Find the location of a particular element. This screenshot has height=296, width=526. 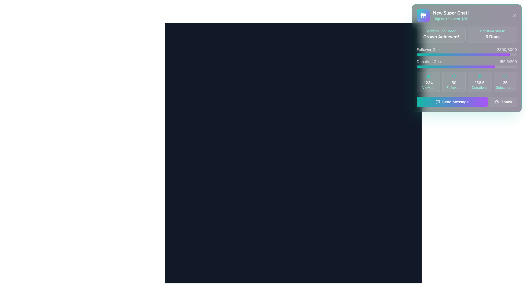

the thumbs-up icon within the 'Thank' button located at the bottom-right corner of the interface is located at coordinates (497, 102).